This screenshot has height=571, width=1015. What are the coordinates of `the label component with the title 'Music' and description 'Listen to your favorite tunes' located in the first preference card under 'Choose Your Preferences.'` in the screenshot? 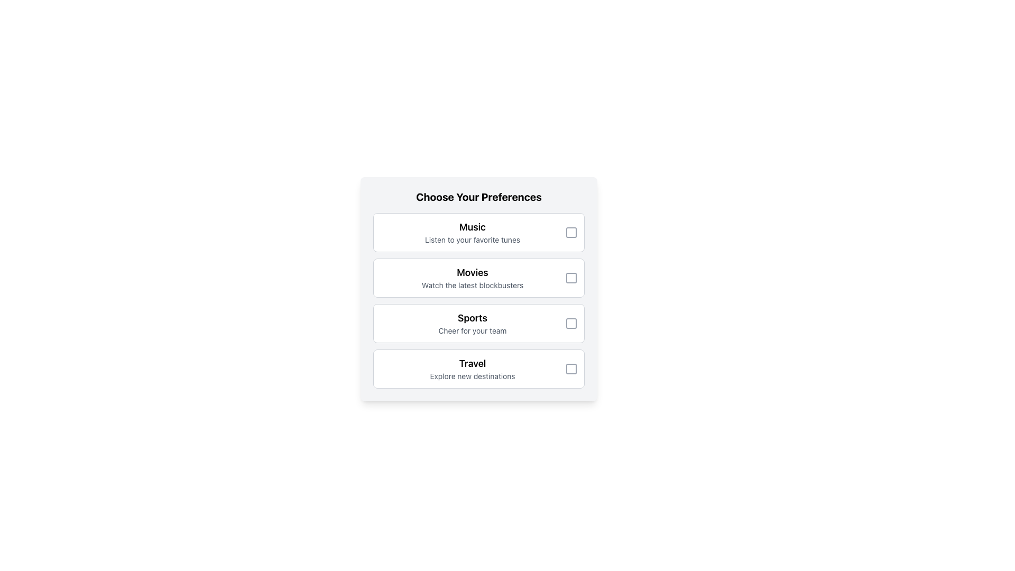 It's located at (472, 232).